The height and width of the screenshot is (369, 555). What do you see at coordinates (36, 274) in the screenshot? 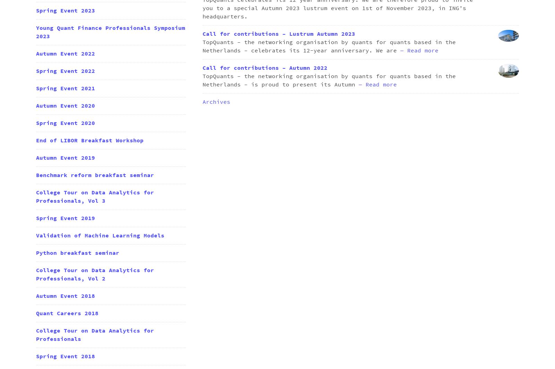
I see `'College Tour on Data Analytics for Professionals, Vol 2'` at bounding box center [36, 274].